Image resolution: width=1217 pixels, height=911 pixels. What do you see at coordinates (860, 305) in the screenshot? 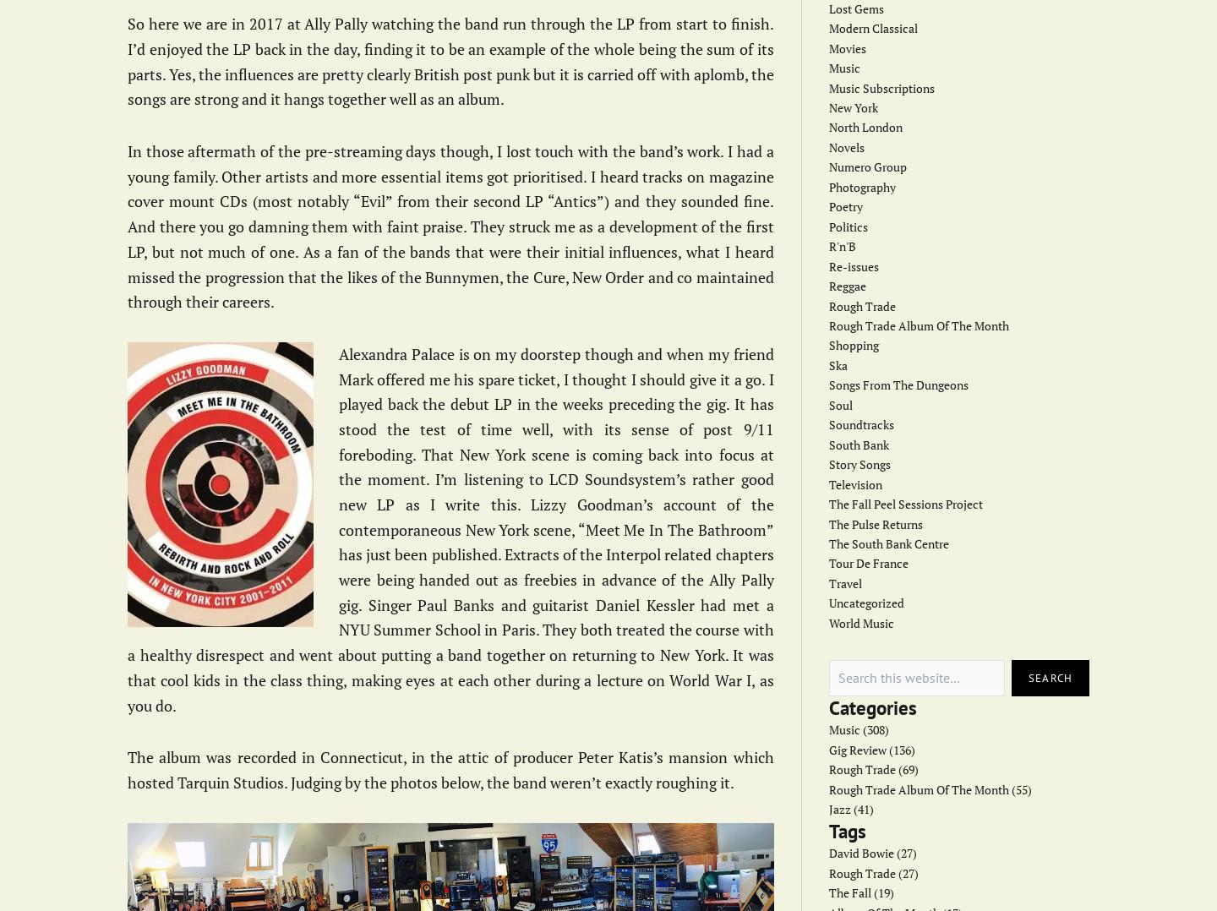
I see `'Rough Trade'` at bounding box center [860, 305].